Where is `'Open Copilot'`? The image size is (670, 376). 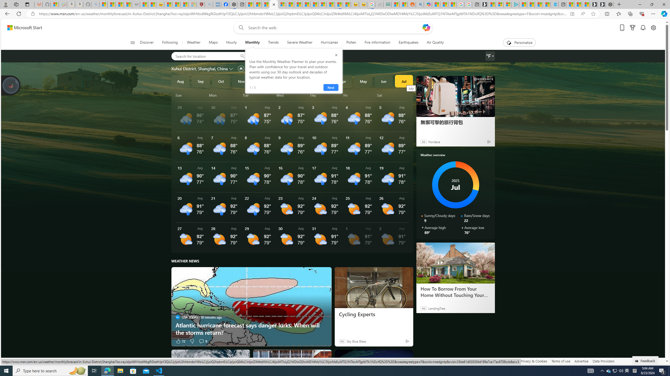
'Open Copilot' is located at coordinates (426, 27).